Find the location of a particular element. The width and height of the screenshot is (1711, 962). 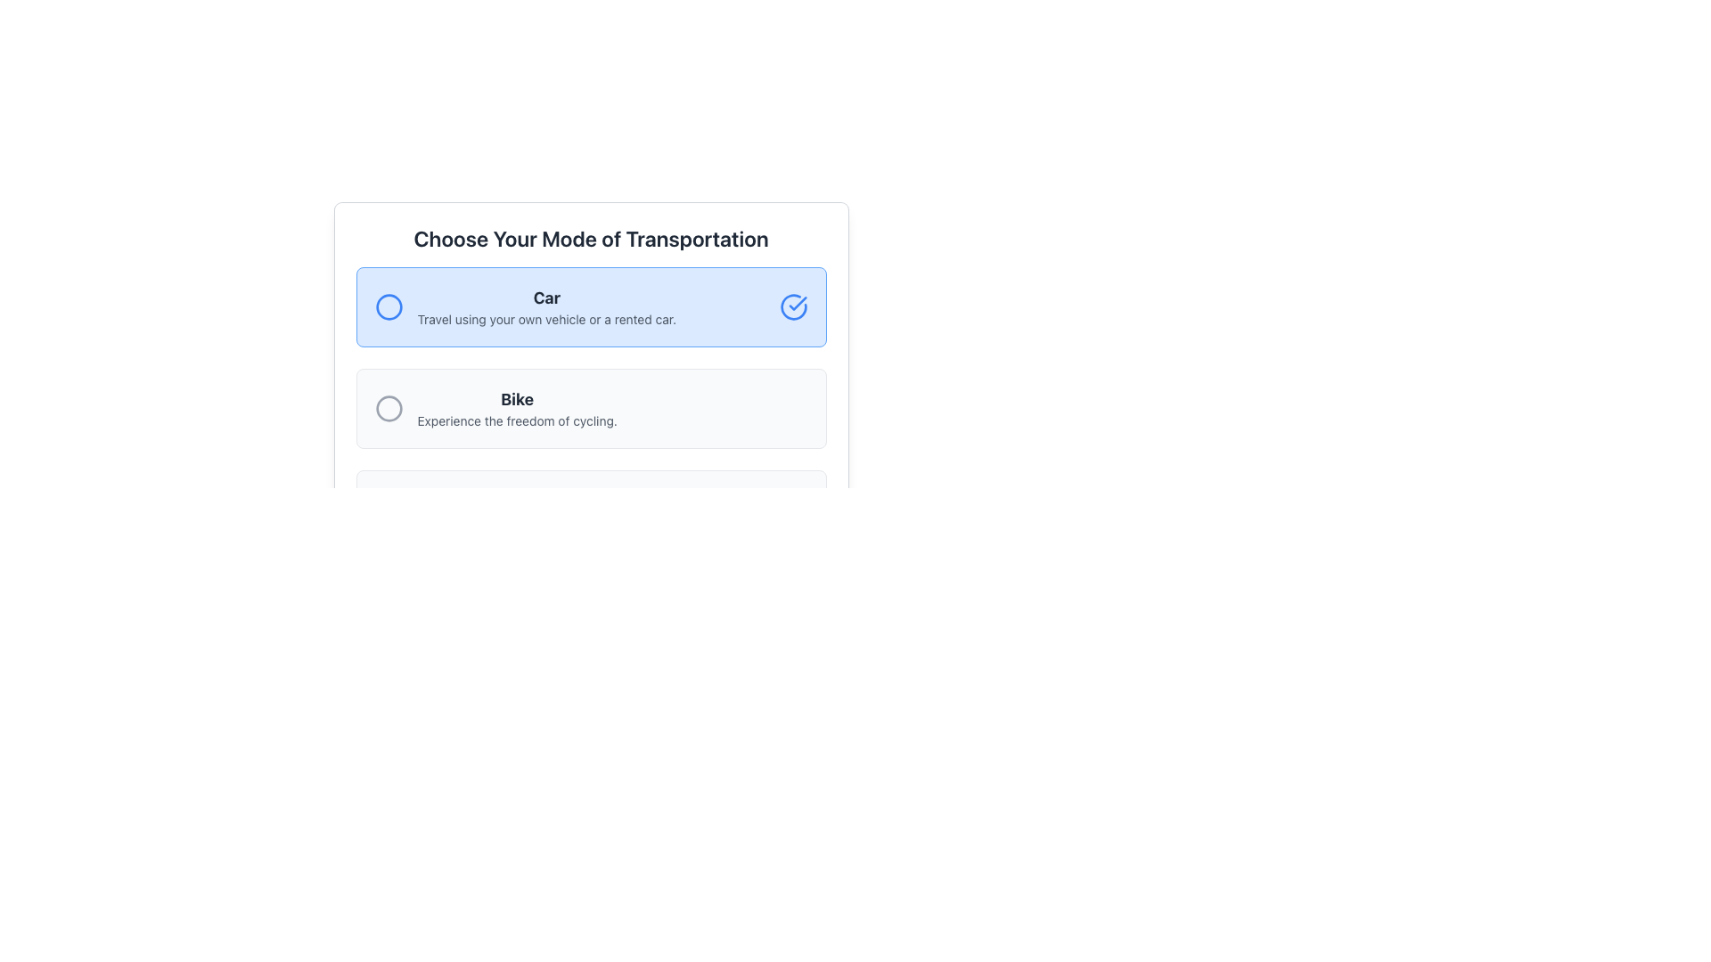

the bolded 'Bike' text label, which is prominently styled and located in the transportation selection interface is located at coordinates (516, 398).